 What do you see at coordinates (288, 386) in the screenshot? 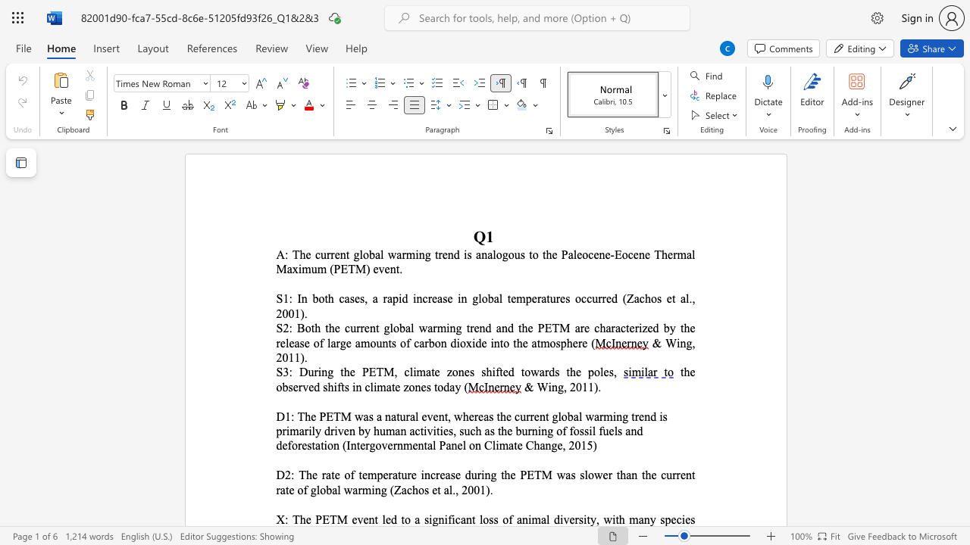
I see `the space between the continuous character "b" and "s" in the text` at bounding box center [288, 386].